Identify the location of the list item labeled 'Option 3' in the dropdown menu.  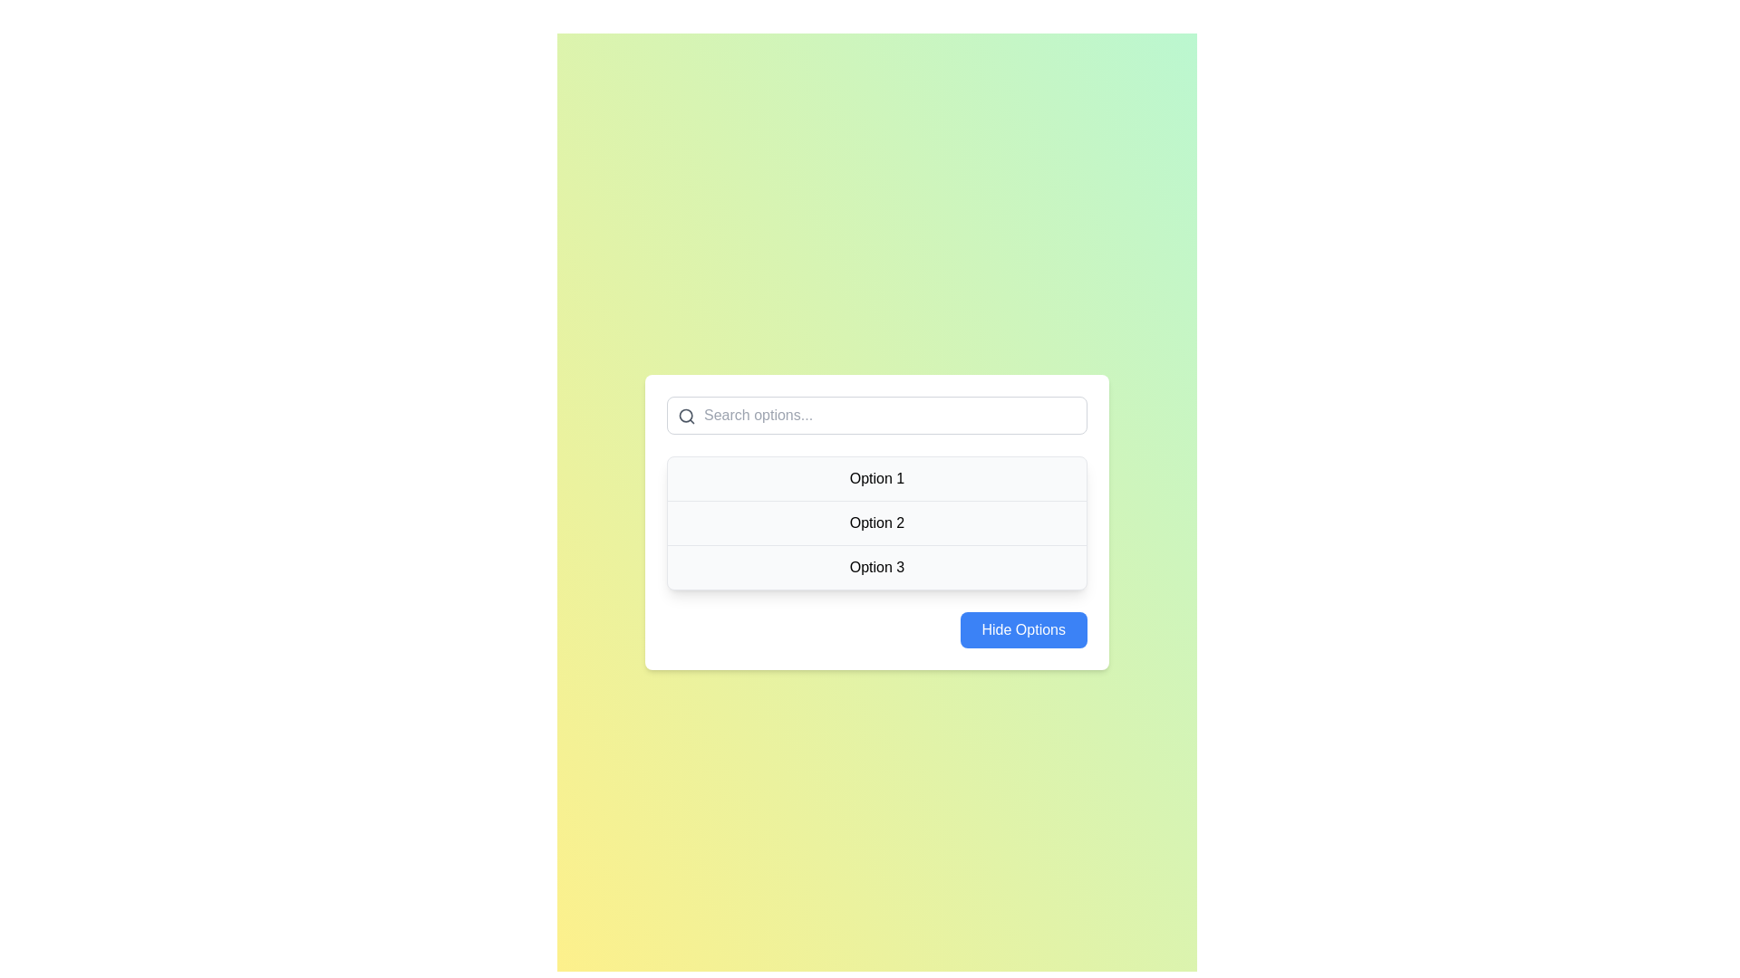
(877, 565).